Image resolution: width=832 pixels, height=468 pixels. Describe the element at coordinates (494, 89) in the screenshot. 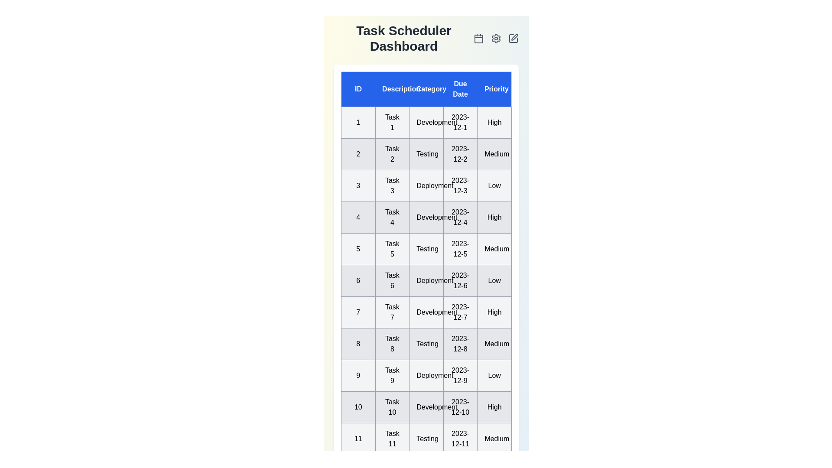

I see `the 'Priority' column in the task table` at that location.